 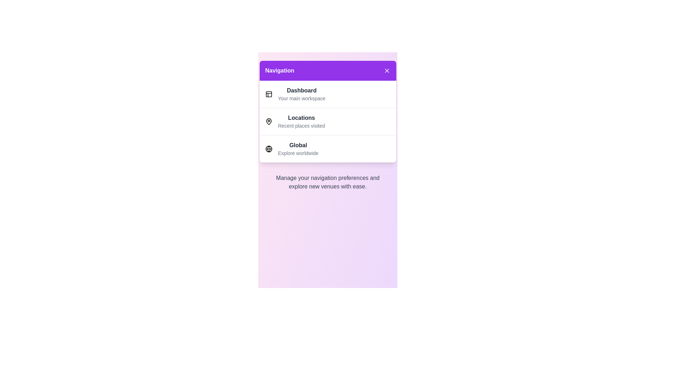 I want to click on the menu item Locations to explore its details, so click(x=301, y=121).